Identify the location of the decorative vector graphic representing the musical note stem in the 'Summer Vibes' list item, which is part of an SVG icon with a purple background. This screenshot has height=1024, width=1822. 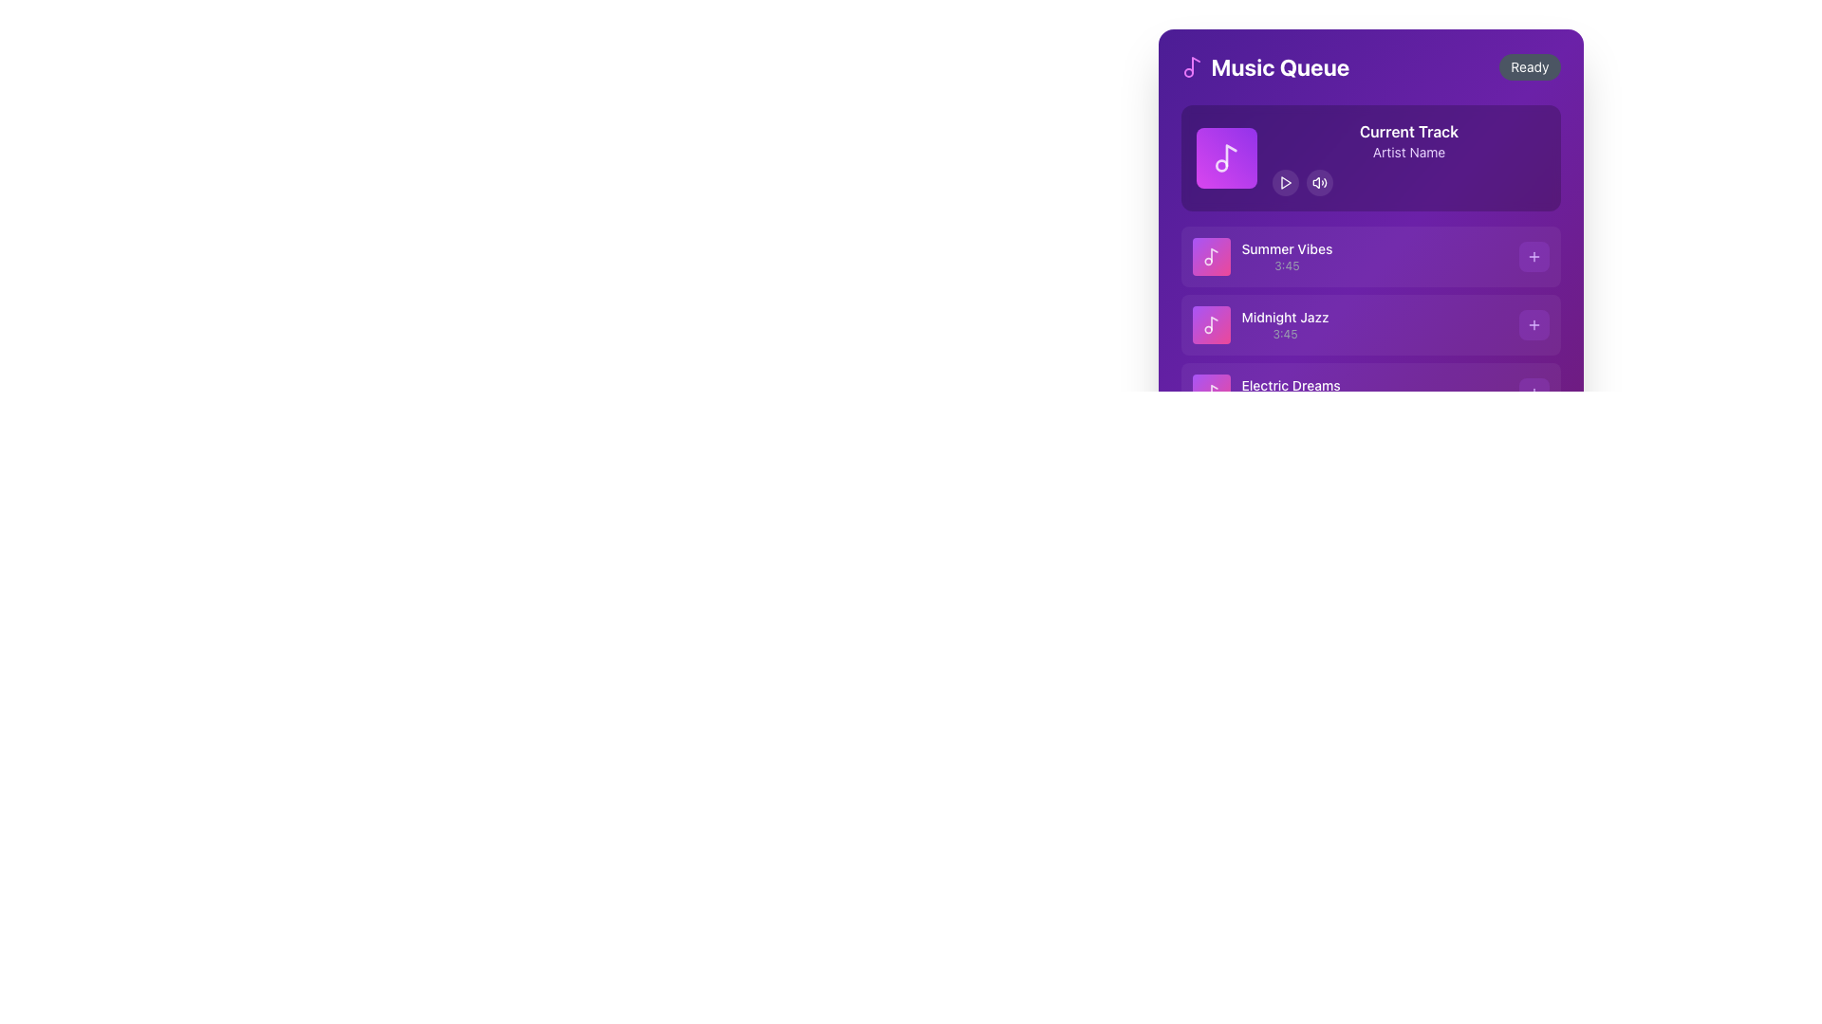
(1213, 254).